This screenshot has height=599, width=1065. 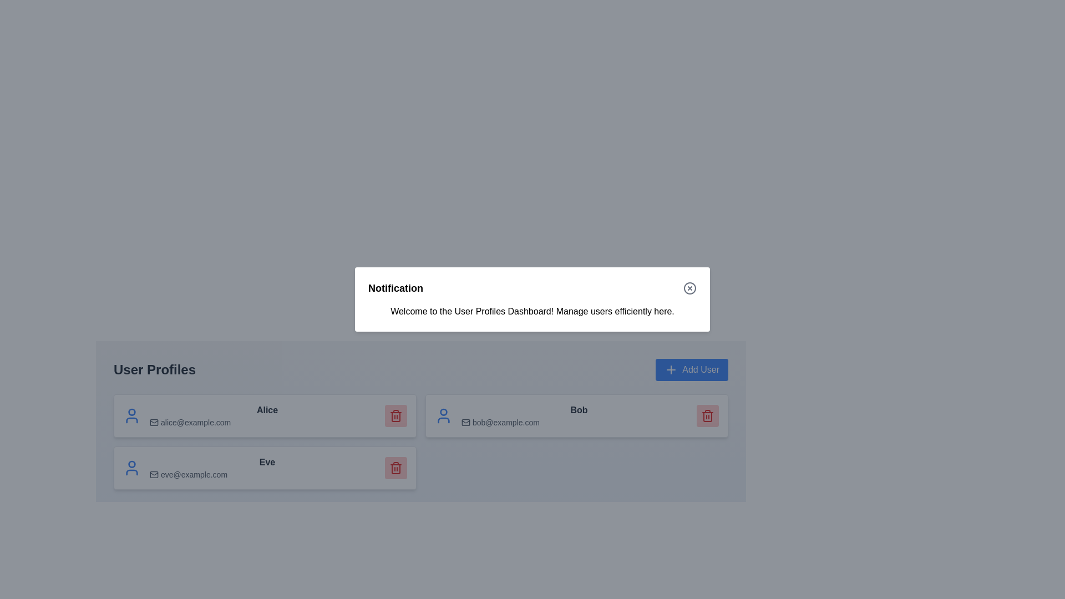 I want to click on the user icon representing 'Bob', located at the leftmost side of the card containing their name and email, so click(x=444, y=415).